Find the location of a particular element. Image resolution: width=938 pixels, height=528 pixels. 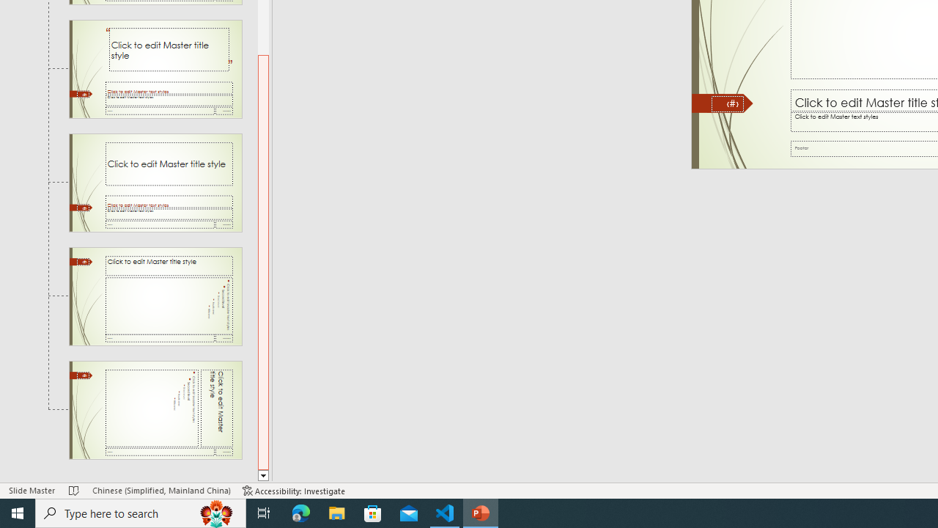

'Line down' is located at coordinates (263, 476).